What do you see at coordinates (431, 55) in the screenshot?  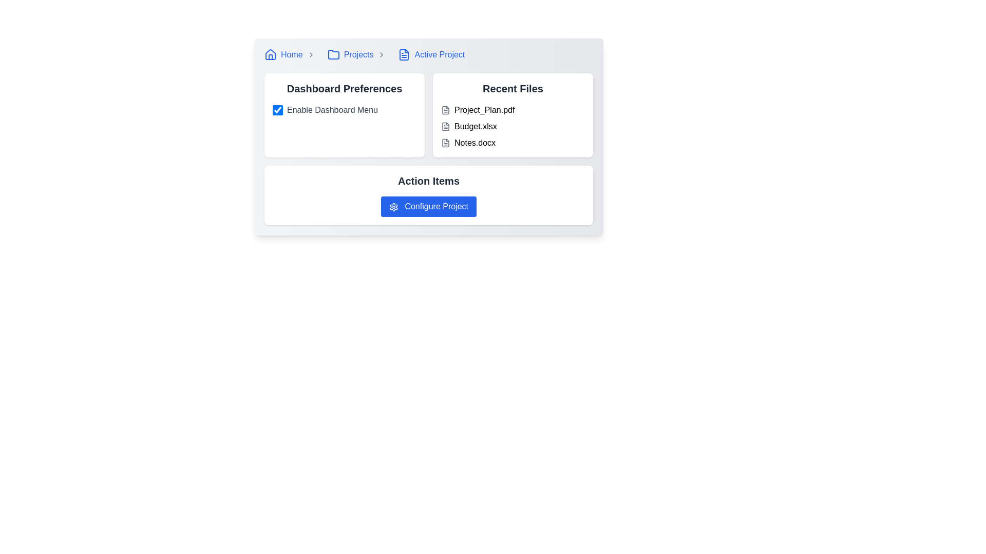 I see `the third item in the breadcrumb navigation that represents the current active project, located to the right of 'Projects'` at bounding box center [431, 55].